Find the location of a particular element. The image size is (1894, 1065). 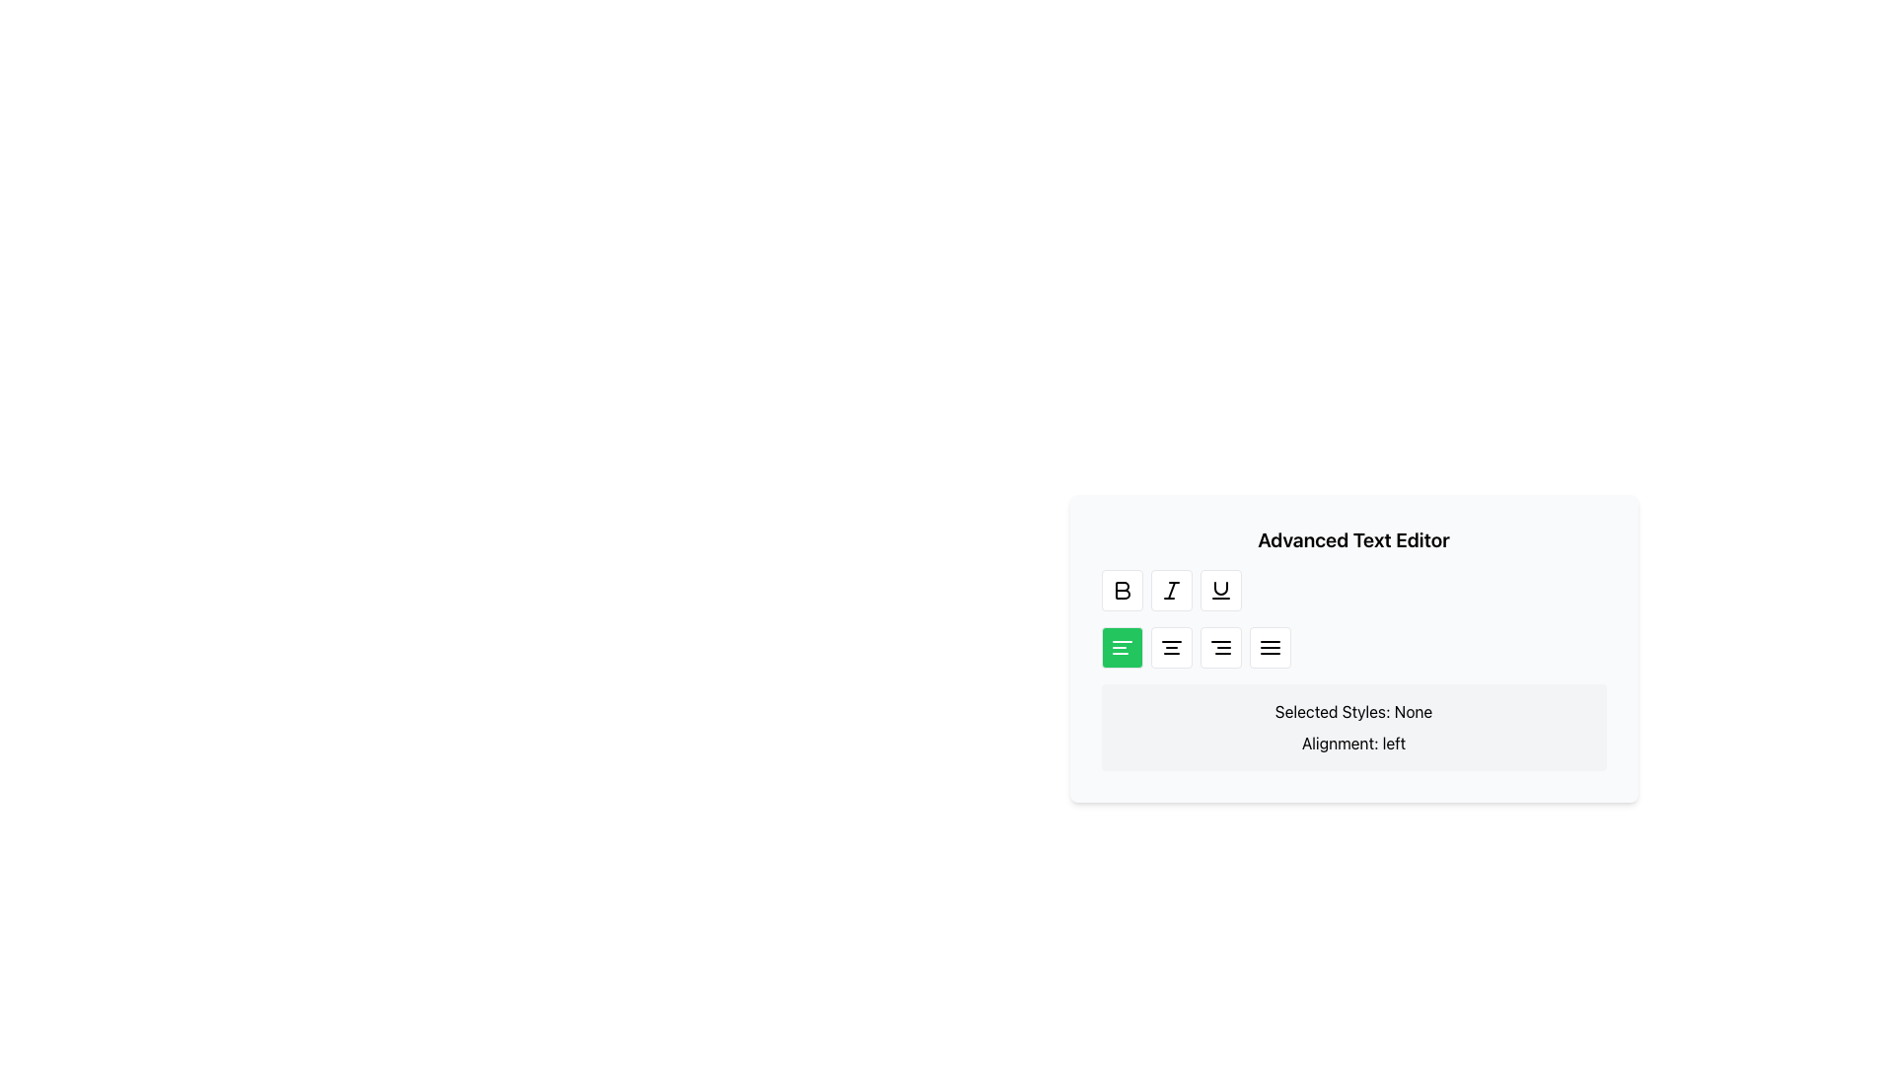

the Text Label that displays the current alignment setting, which indicates 'left.' This label is located below 'Selected Styles: None' in the right-central part of the interface is located at coordinates (1352, 743).